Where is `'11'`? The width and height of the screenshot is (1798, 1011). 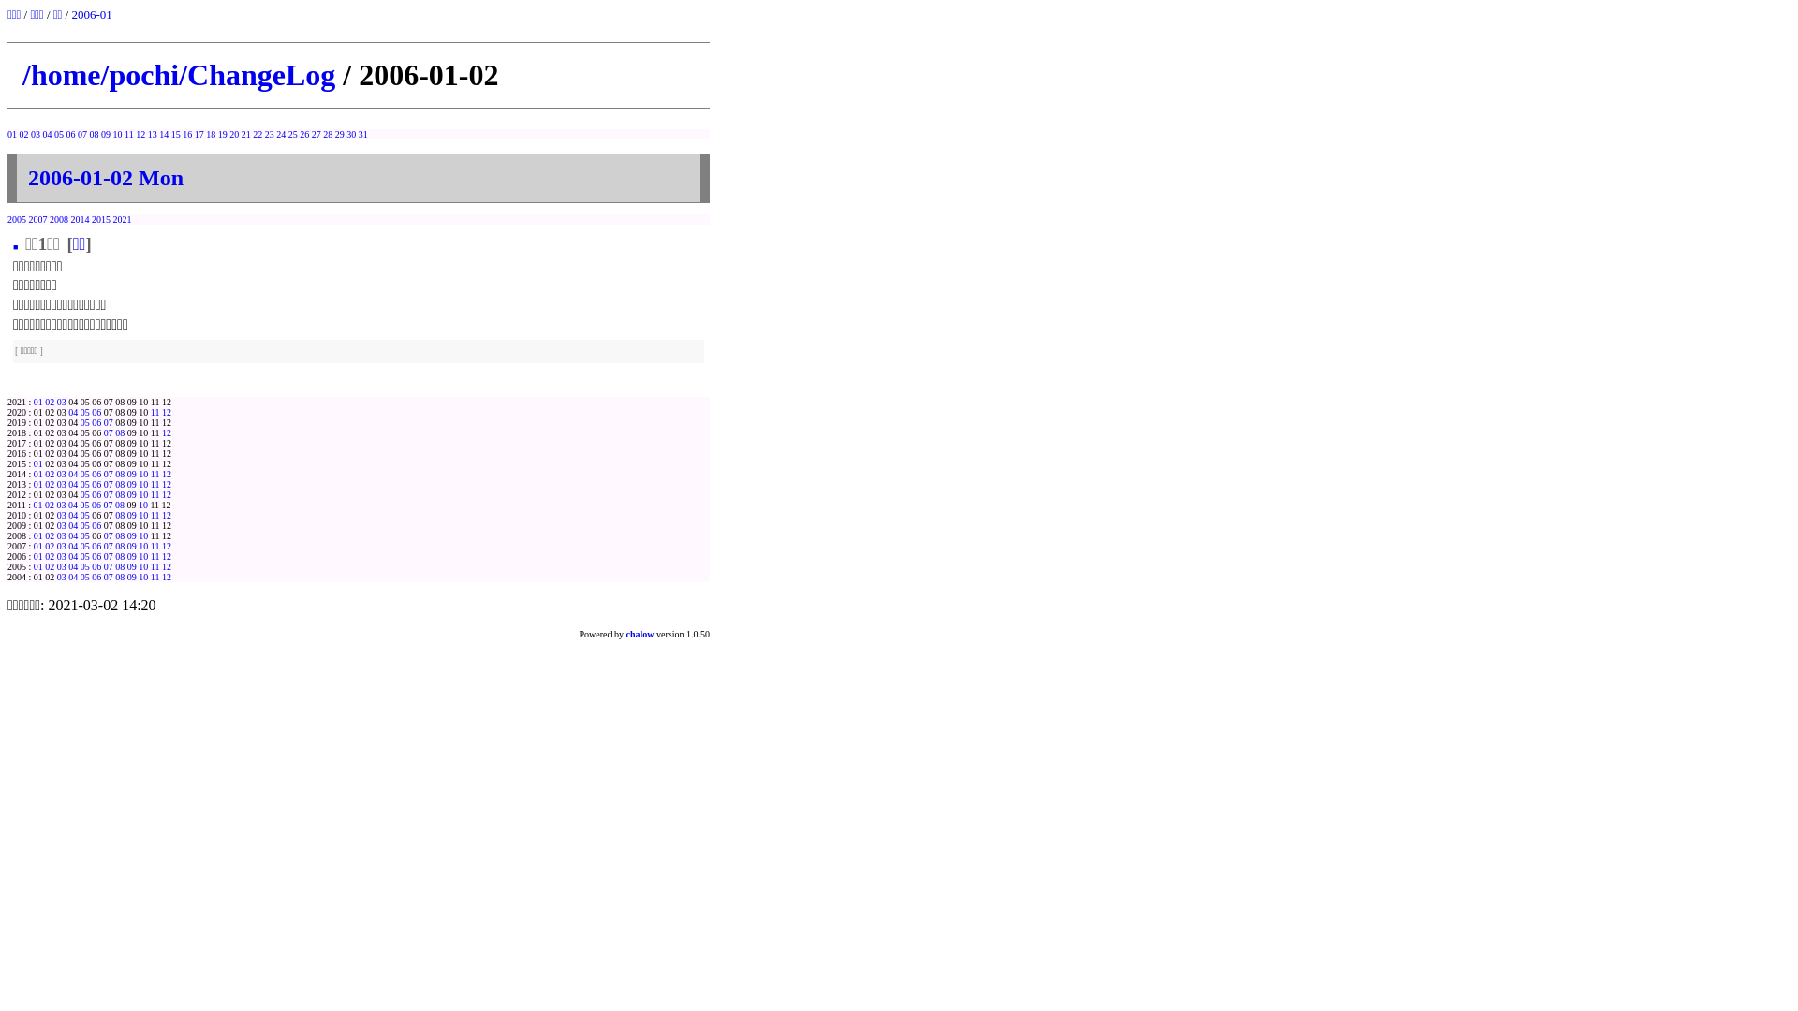
'11' is located at coordinates (155, 515).